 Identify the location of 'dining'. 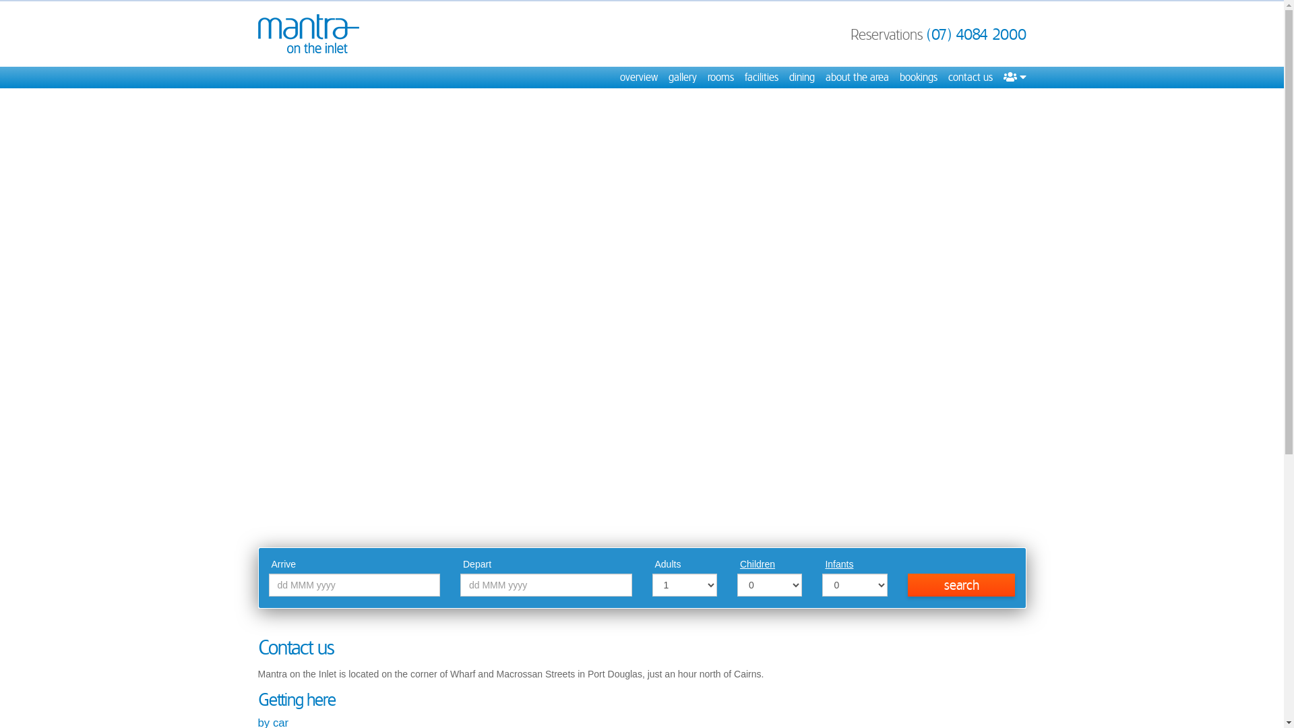
(801, 78).